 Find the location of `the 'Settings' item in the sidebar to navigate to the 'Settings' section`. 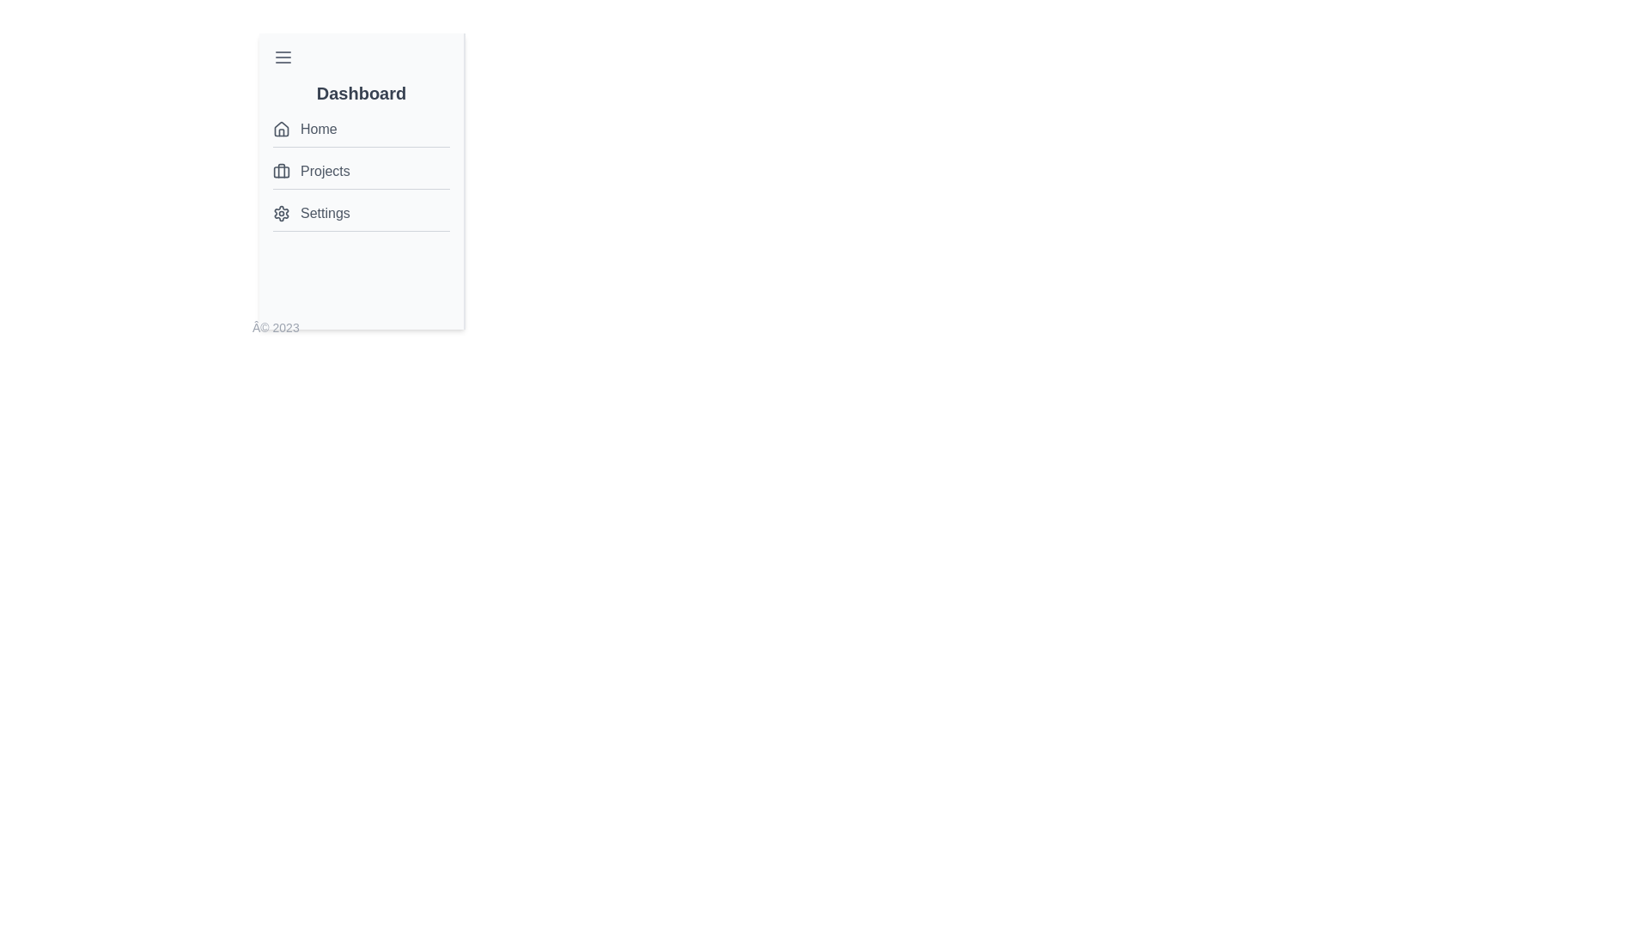

the 'Settings' item in the sidebar to navigate to the 'Settings' section is located at coordinates (361, 213).